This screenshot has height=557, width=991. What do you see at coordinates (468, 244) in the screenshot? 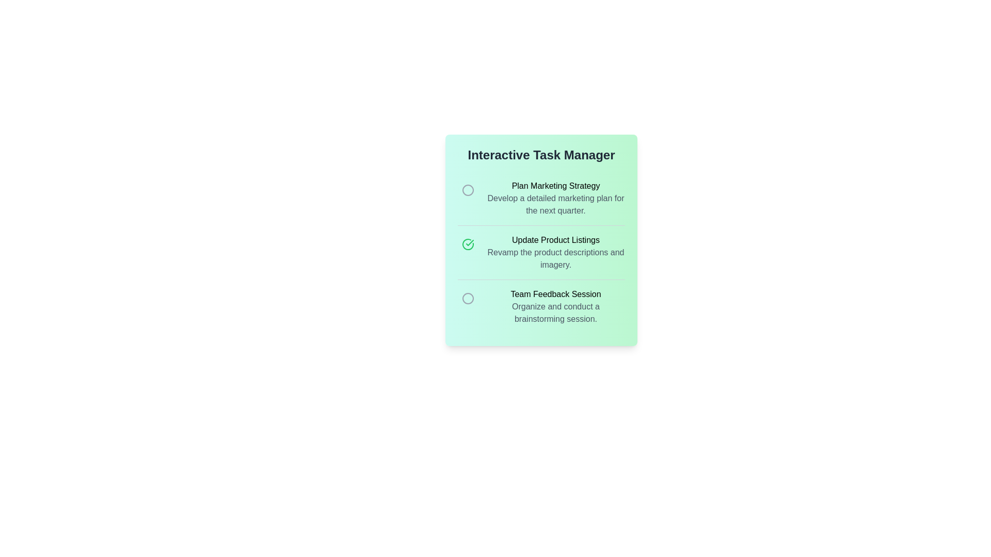
I see `the completion icon for the task 'Update Product Listings'` at bounding box center [468, 244].